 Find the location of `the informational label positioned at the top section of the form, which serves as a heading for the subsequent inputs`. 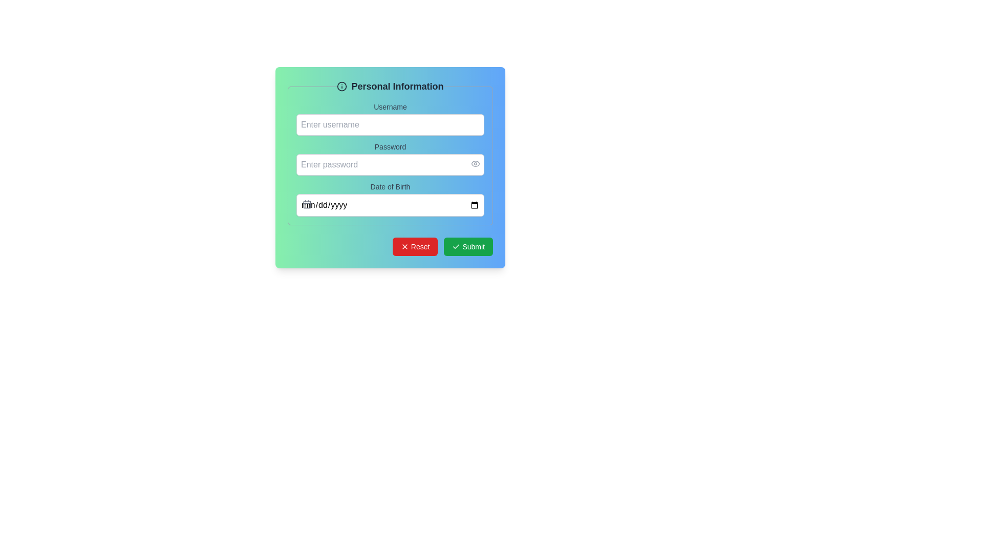

the informational label positioned at the top section of the form, which serves as a heading for the subsequent inputs is located at coordinates (397, 86).